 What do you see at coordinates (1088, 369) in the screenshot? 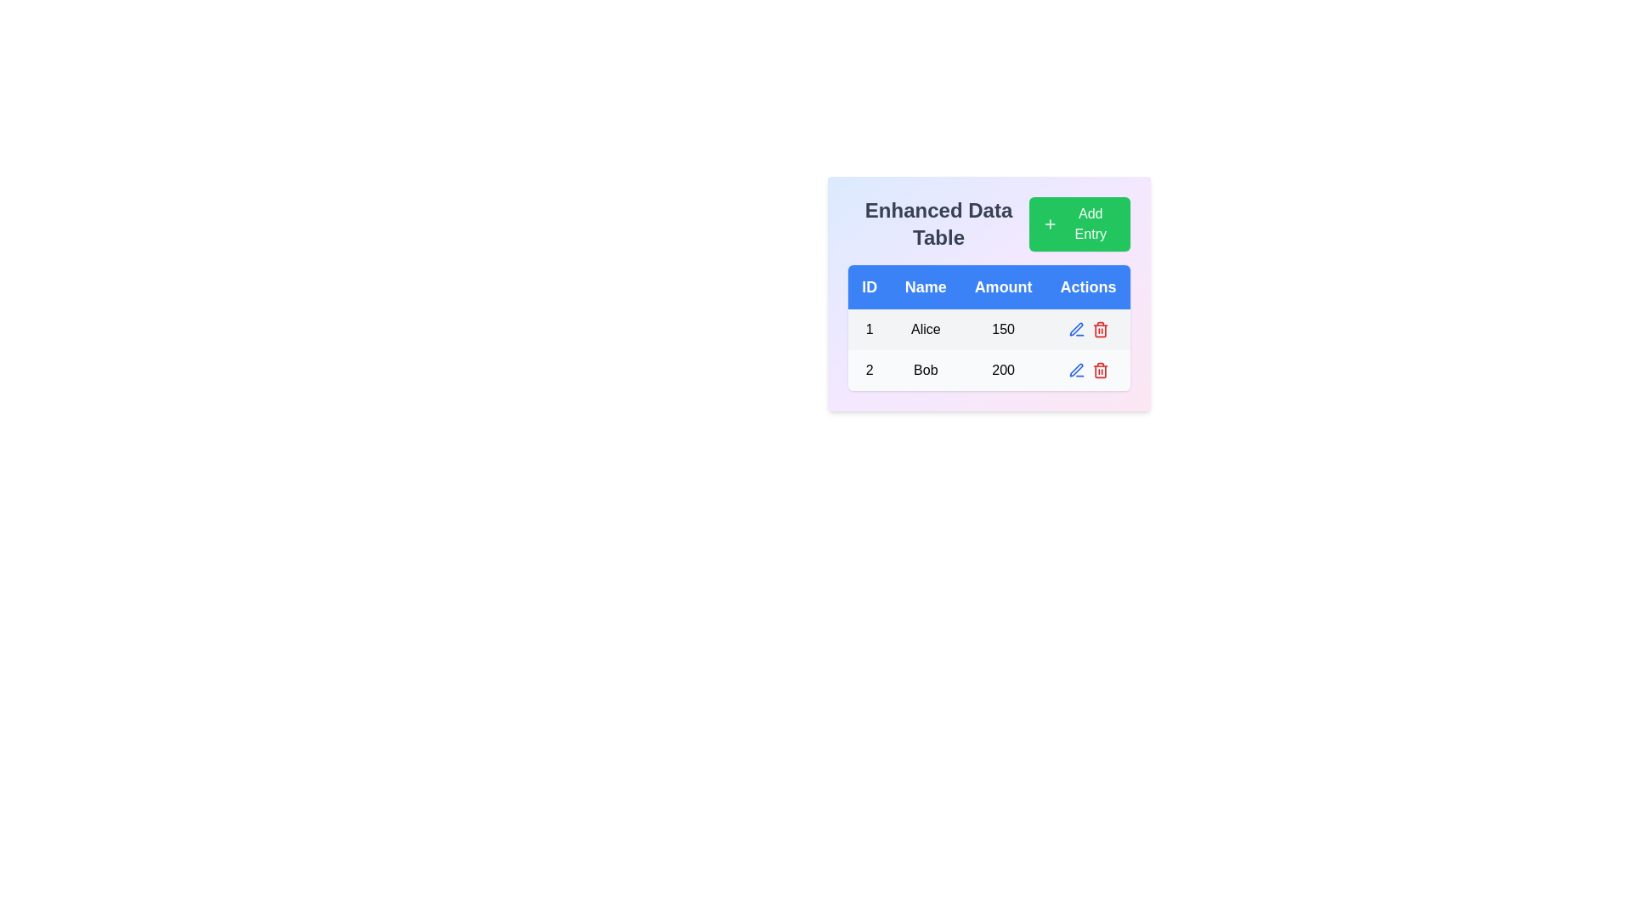
I see `the red trash bin icon within the Interactive control group` at bounding box center [1088, 369].